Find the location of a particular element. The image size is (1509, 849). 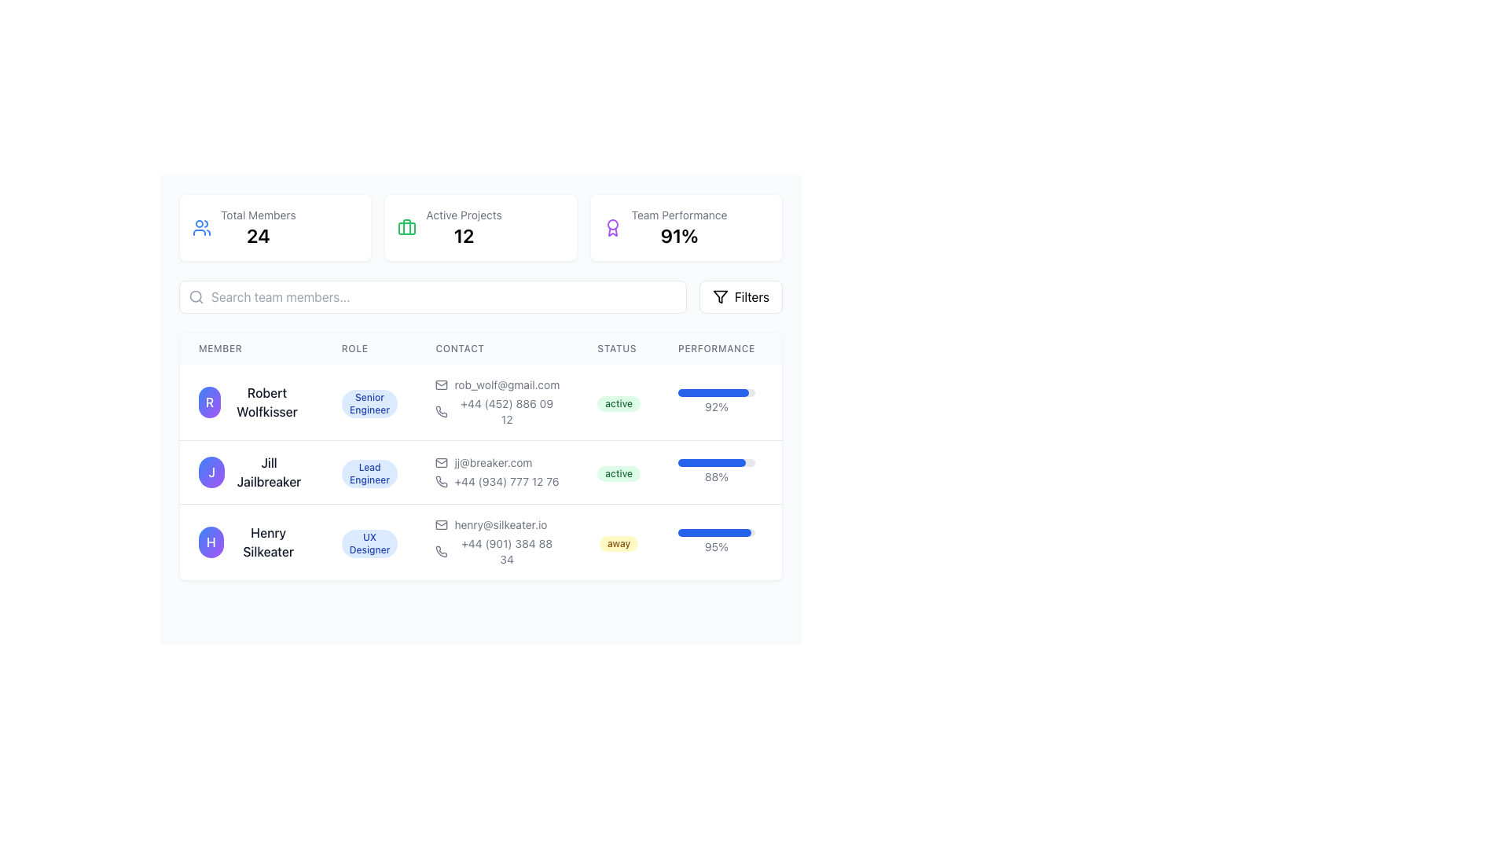

the pill-shaped label displaying 'UX Designer', located in the third row under the 'Role' column, adjacent to 'Henry Silkeater' and 'henry@silkeater.io' is located at coordinates (369, 541).